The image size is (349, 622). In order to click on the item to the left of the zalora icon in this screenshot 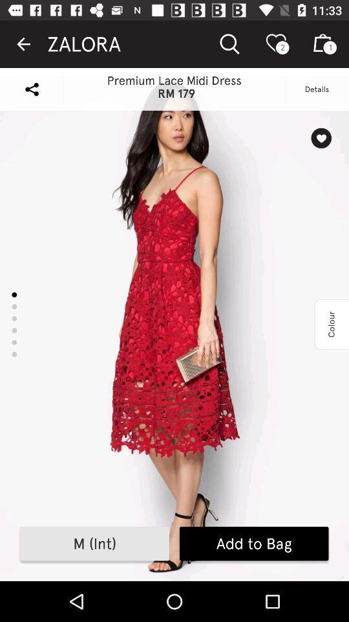, I will do `click(23, 44)`.